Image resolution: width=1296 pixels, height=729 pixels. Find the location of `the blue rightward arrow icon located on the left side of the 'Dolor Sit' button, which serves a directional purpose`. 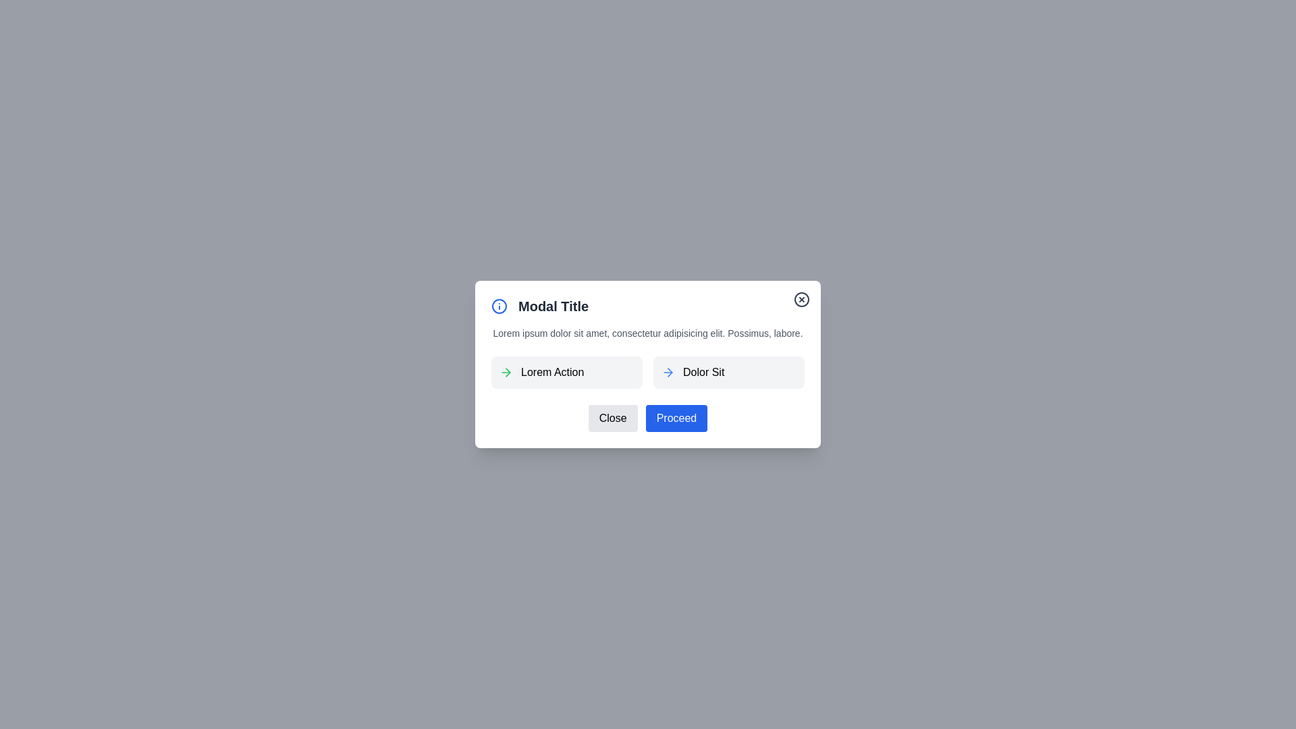

the blue rightward arrow icon located on the left side of the 'Dolor Sit' button, which serves a directional purpose is located at coordinates (668, 372).